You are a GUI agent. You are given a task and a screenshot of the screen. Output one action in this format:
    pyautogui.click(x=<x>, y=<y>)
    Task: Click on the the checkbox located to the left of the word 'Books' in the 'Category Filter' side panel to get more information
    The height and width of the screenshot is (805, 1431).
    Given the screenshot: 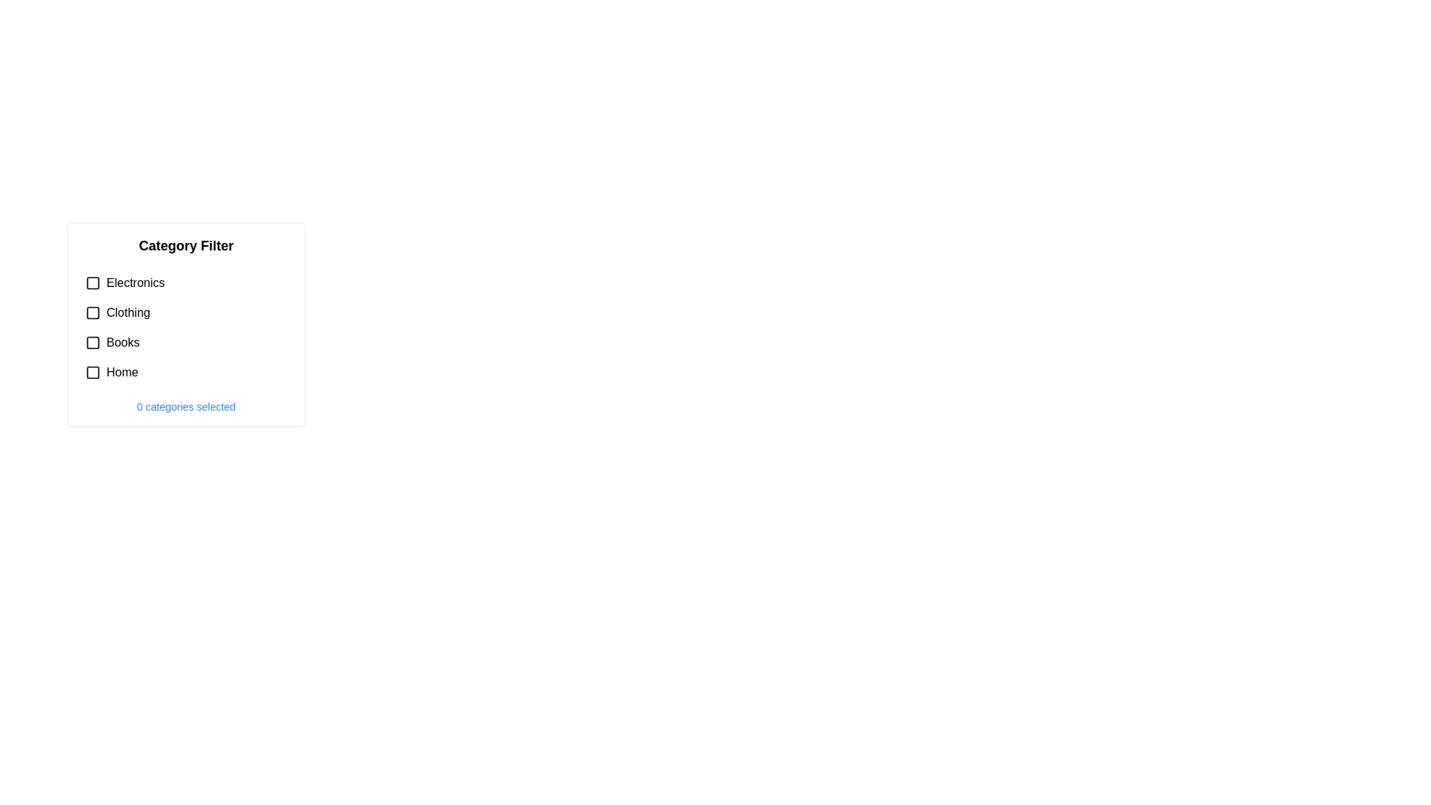 What is the action you would take?
    pyautogui.click(x=92, y=342)
    